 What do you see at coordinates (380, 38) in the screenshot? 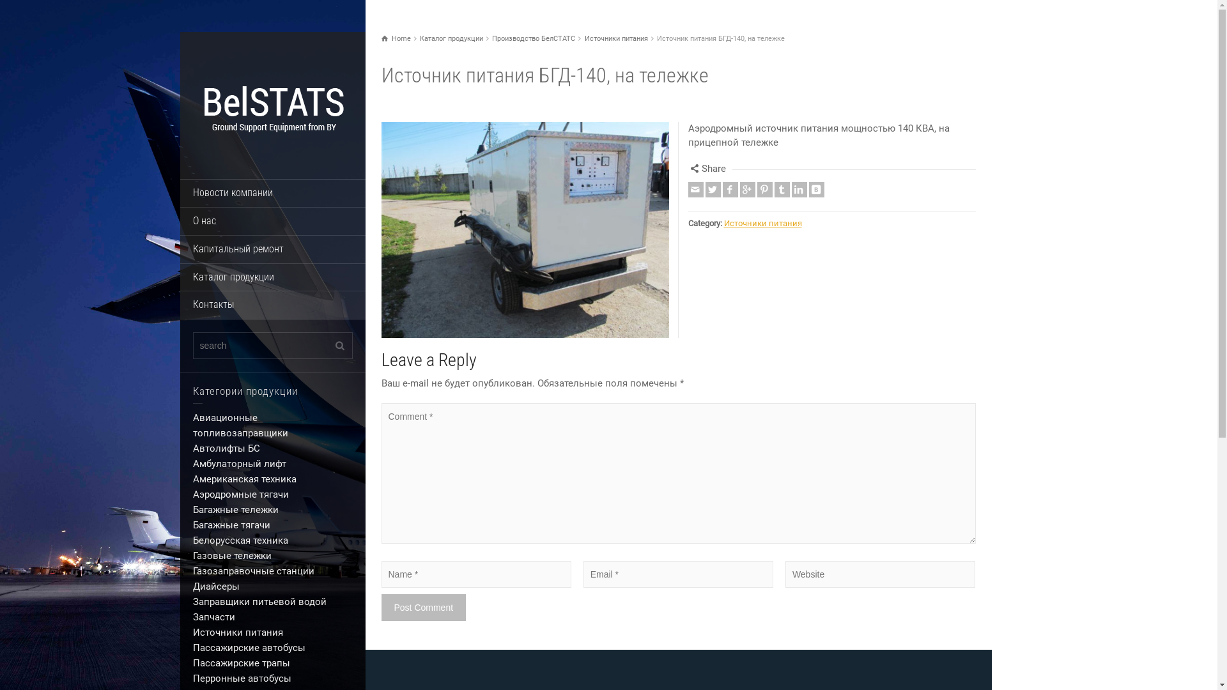
I see `'Home'` at bounding box center [380, 38].